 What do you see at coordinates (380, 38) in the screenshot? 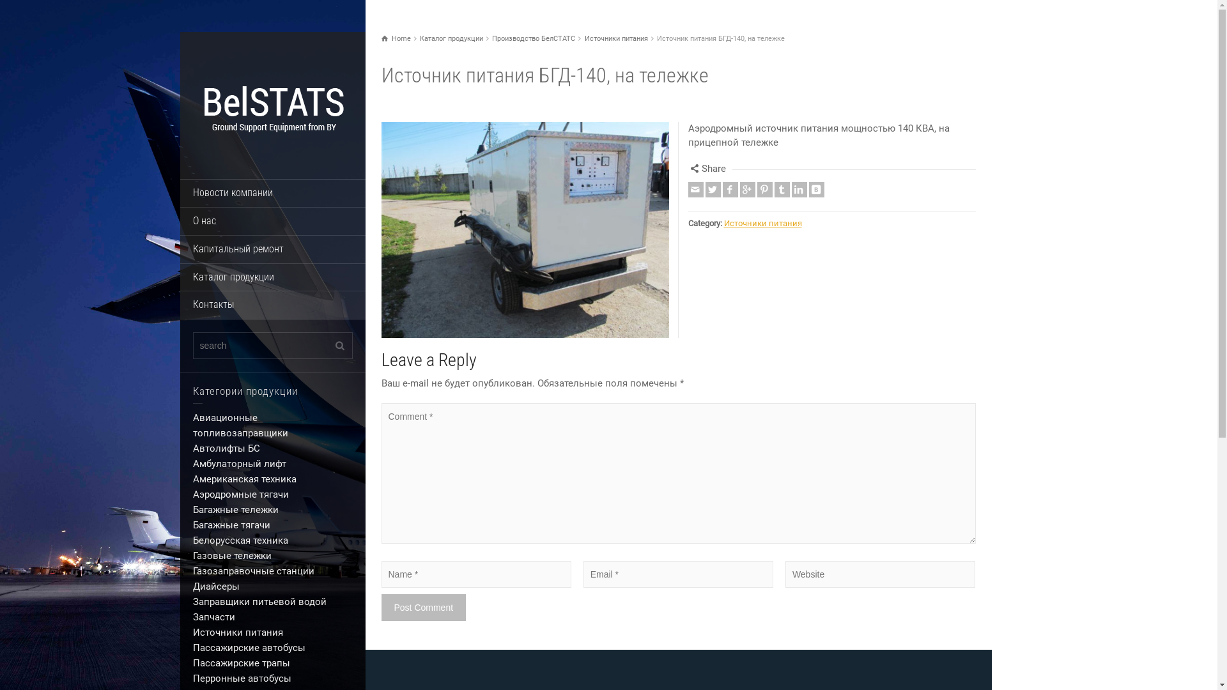
I see `'Home'` at bounding box center [380, 38].